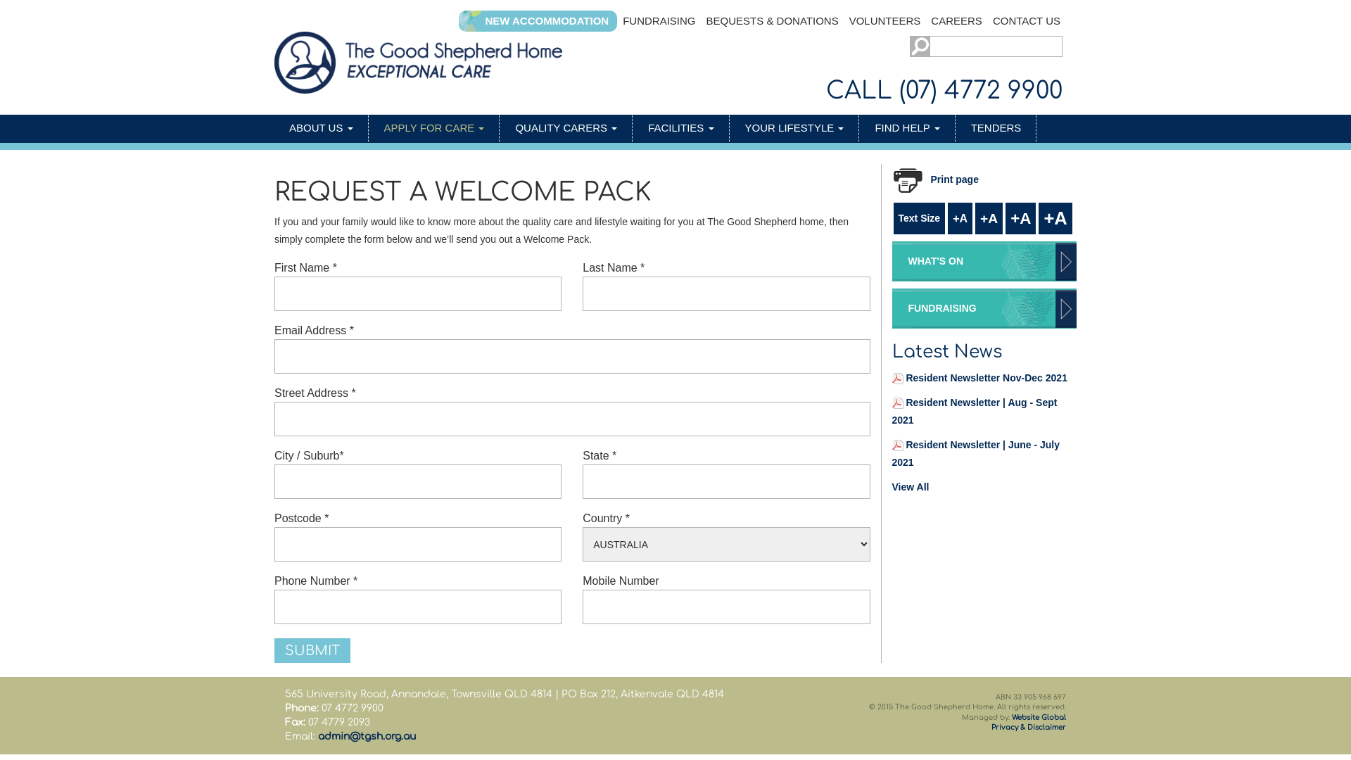 This screenshot has height=760, width=1351. I want to click on 'TENDERS', so click(996, 128).